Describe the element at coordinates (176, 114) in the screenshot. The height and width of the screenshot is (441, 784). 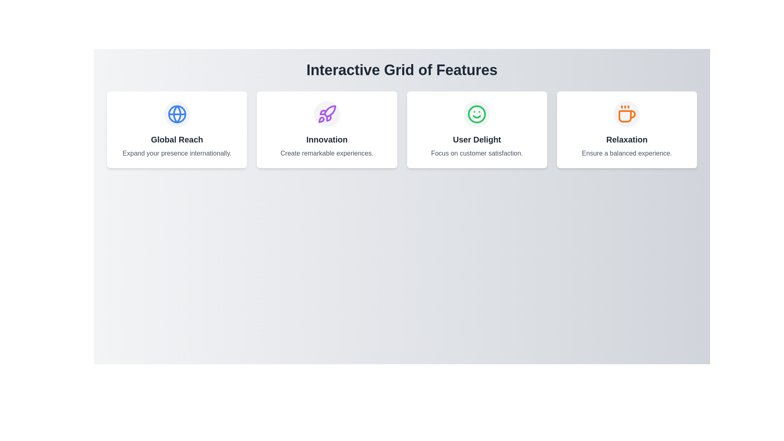
I see `the decorative circular shape within the 'Global Reach' icon, which is the leftmost icon in a four-icon layout` at that location.